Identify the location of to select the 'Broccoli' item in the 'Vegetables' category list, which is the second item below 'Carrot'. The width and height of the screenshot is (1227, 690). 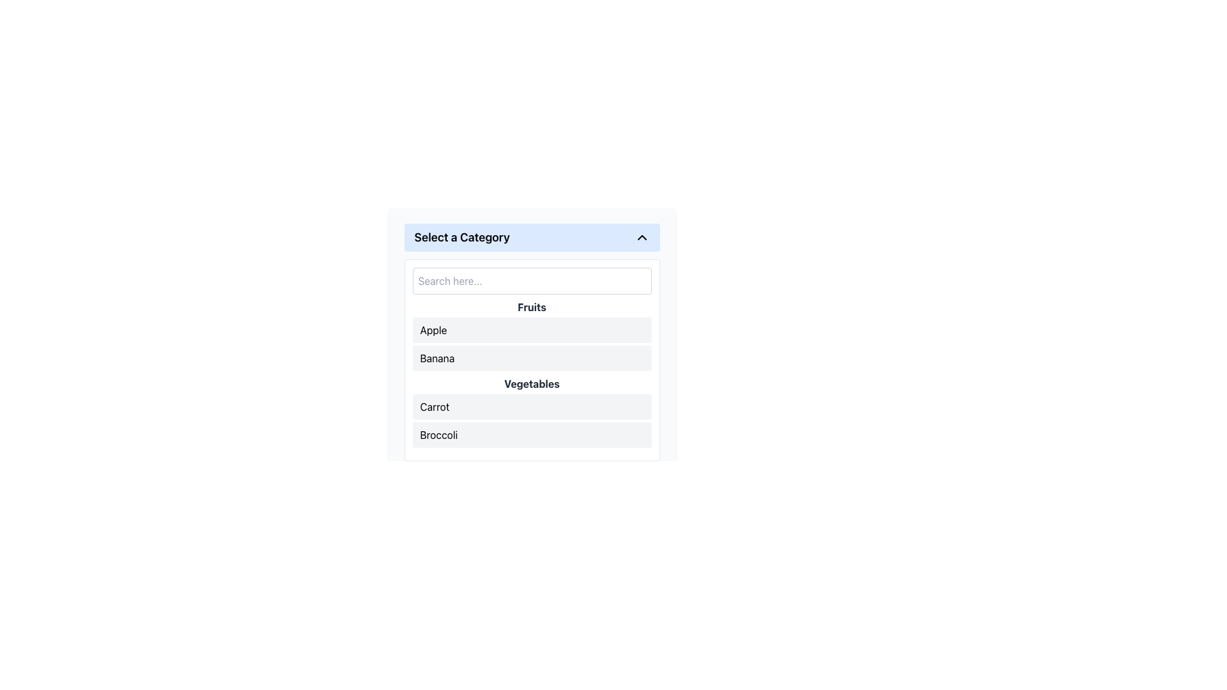
(438, 434).